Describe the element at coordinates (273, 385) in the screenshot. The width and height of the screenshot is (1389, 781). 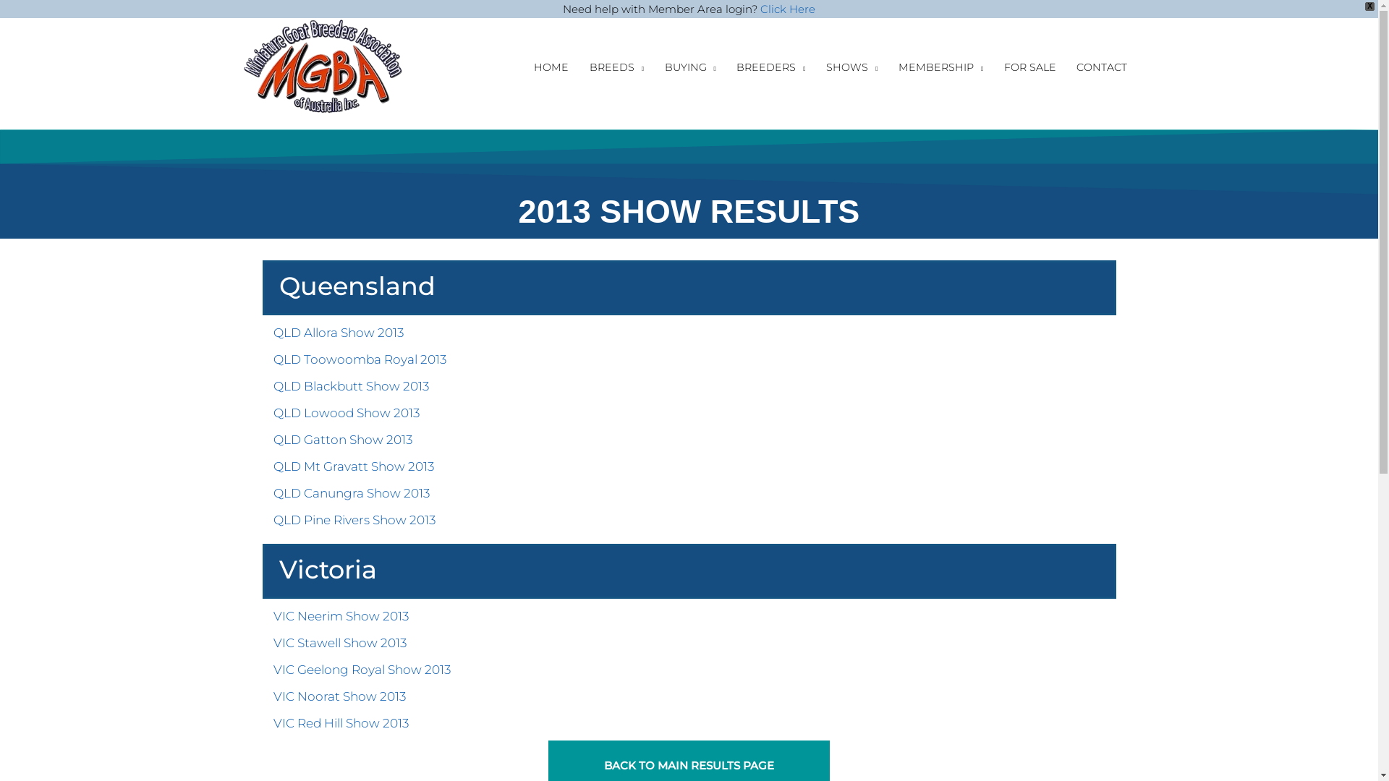
I see `'QLD Blackbutt Show 2013'` at that location.